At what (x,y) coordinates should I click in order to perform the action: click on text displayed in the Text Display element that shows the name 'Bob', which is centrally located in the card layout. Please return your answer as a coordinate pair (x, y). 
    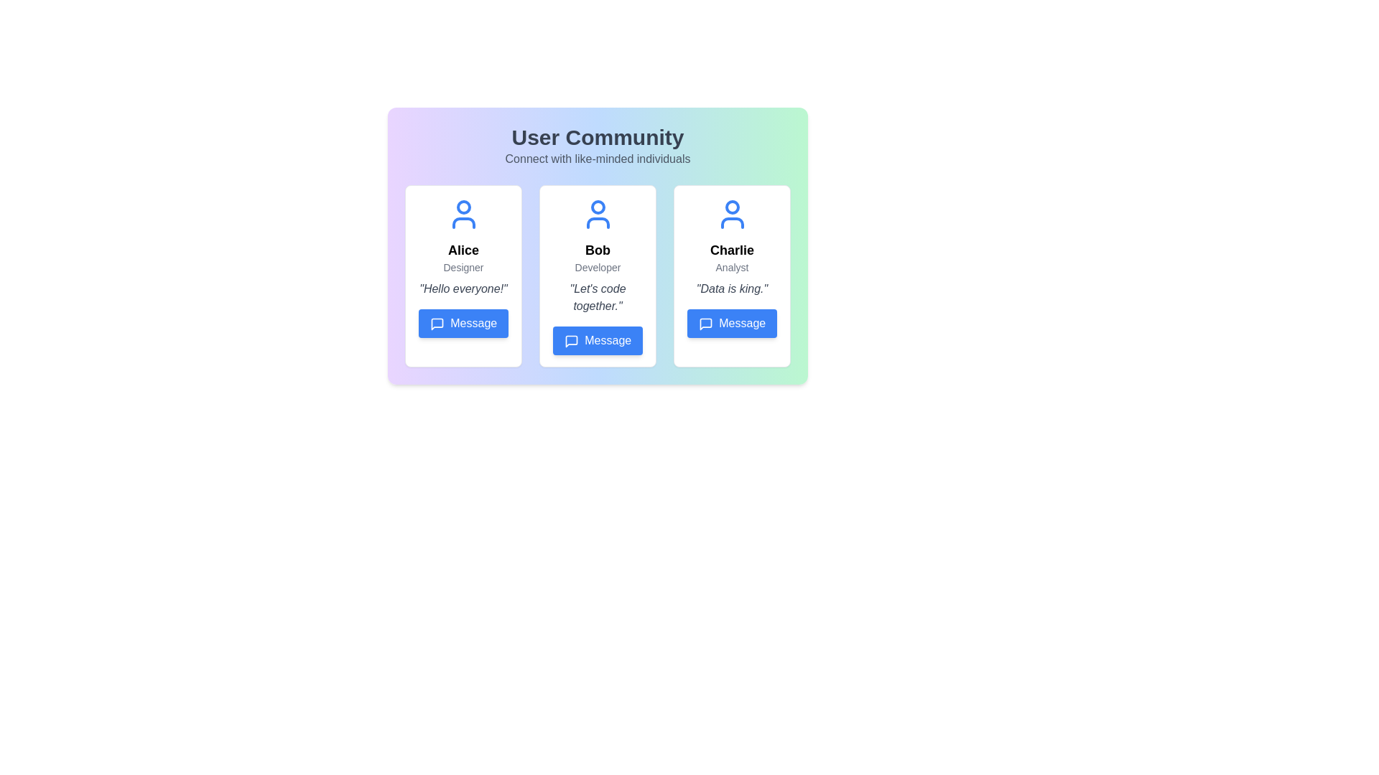
    Looking at the image, I should click on (598, 249).